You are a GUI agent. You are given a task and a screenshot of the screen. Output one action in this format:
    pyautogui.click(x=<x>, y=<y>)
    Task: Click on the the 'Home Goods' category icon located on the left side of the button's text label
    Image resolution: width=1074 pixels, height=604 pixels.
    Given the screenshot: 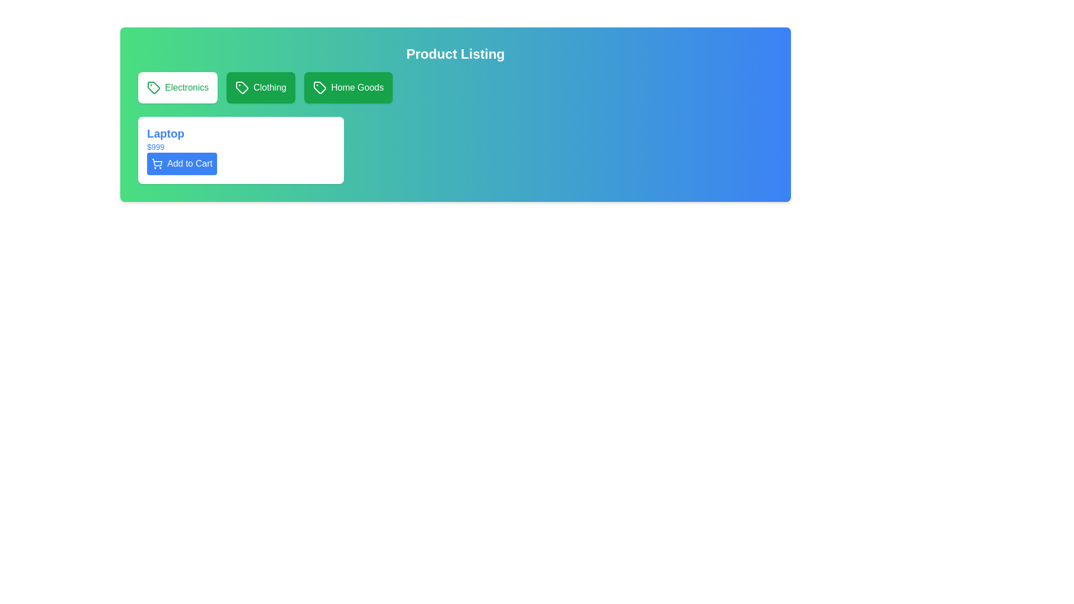 What is the action you would take?
    pyautogui.click(x=319, y=87)
    